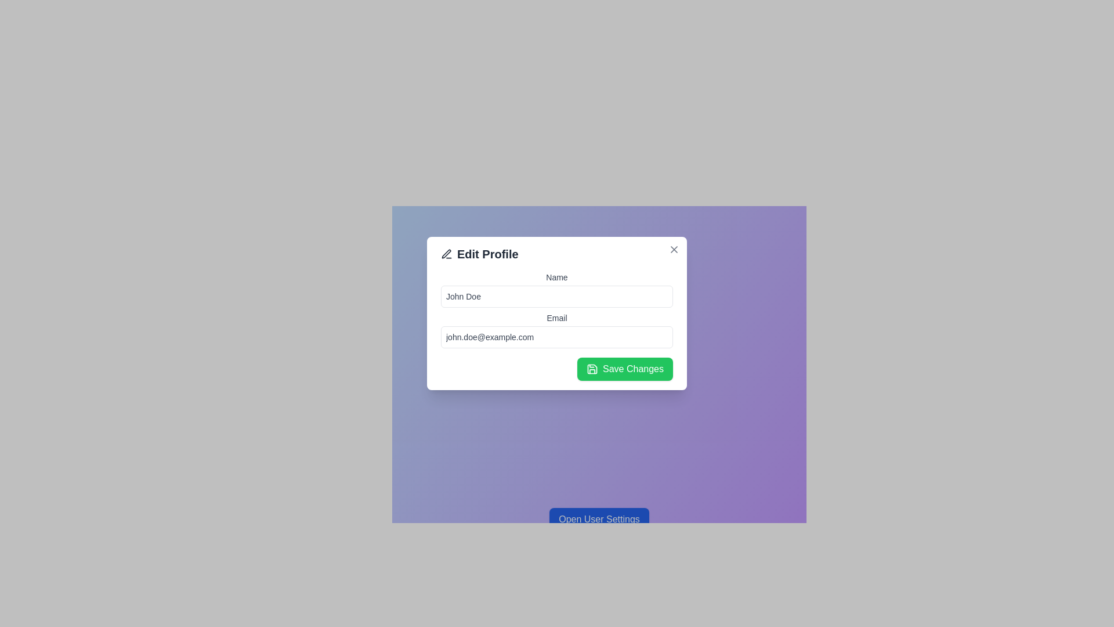  What do you see at coordinates (446, 253) in the screenshot?
I see `the editing icon, which resembles a tilted pen with a diagonal stripe, located to the left of the 'Edit Profile' text at the top of the dialog box` at bounding box center [446, 253].